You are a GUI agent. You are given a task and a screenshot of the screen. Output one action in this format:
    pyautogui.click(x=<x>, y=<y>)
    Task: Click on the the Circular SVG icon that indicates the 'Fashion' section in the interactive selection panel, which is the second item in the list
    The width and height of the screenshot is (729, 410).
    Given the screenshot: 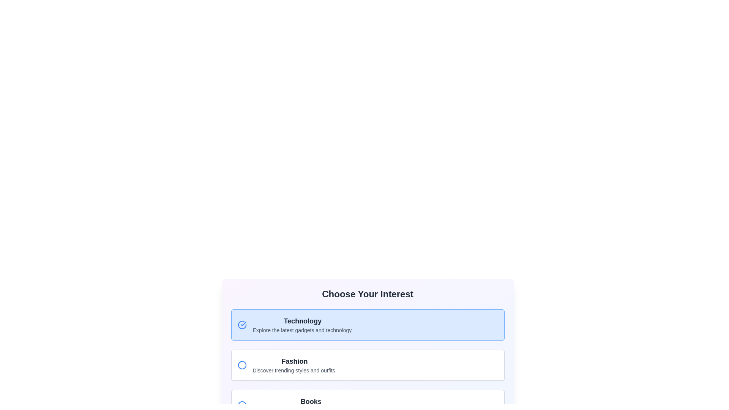 What is the action you would take?
    pyautogui.click(x=241, y=364)
    